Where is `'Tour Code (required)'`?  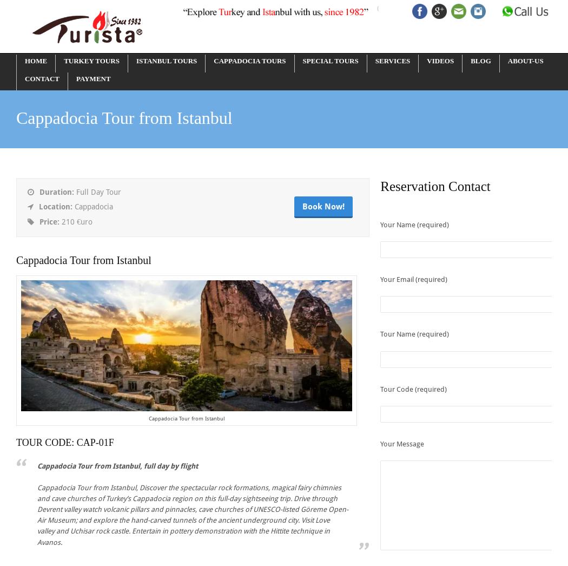
'Tour Code (required)' is located at coordinates (413, 389).